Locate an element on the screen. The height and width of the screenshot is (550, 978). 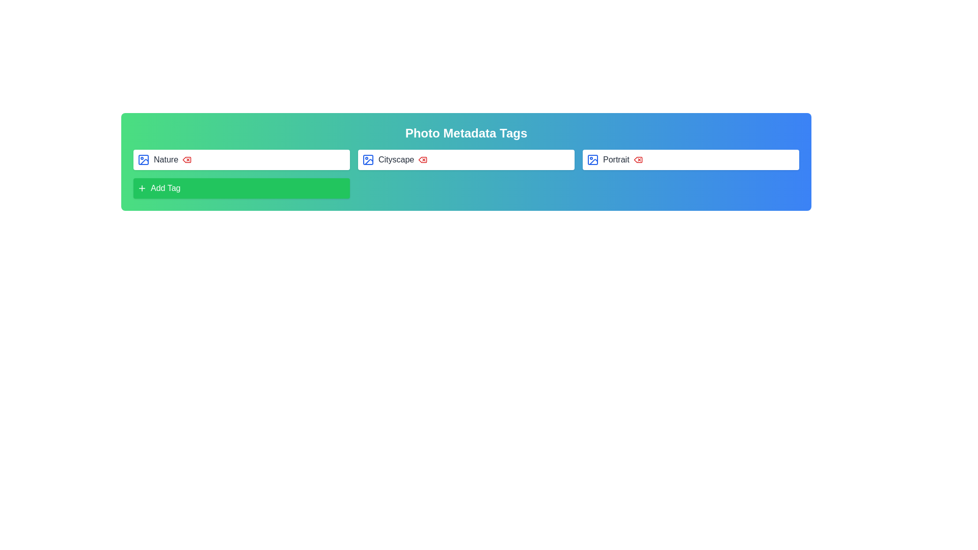
the decorative vector item, a small angular triangle icon located near the center-right of the 'Cityscape' tag within the metadata tagging area is located at coordinates (368, 161).